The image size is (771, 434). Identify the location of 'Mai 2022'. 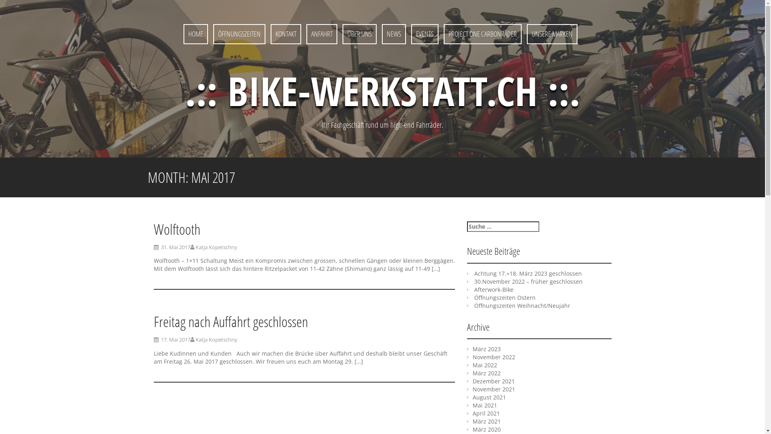
(484, 365).